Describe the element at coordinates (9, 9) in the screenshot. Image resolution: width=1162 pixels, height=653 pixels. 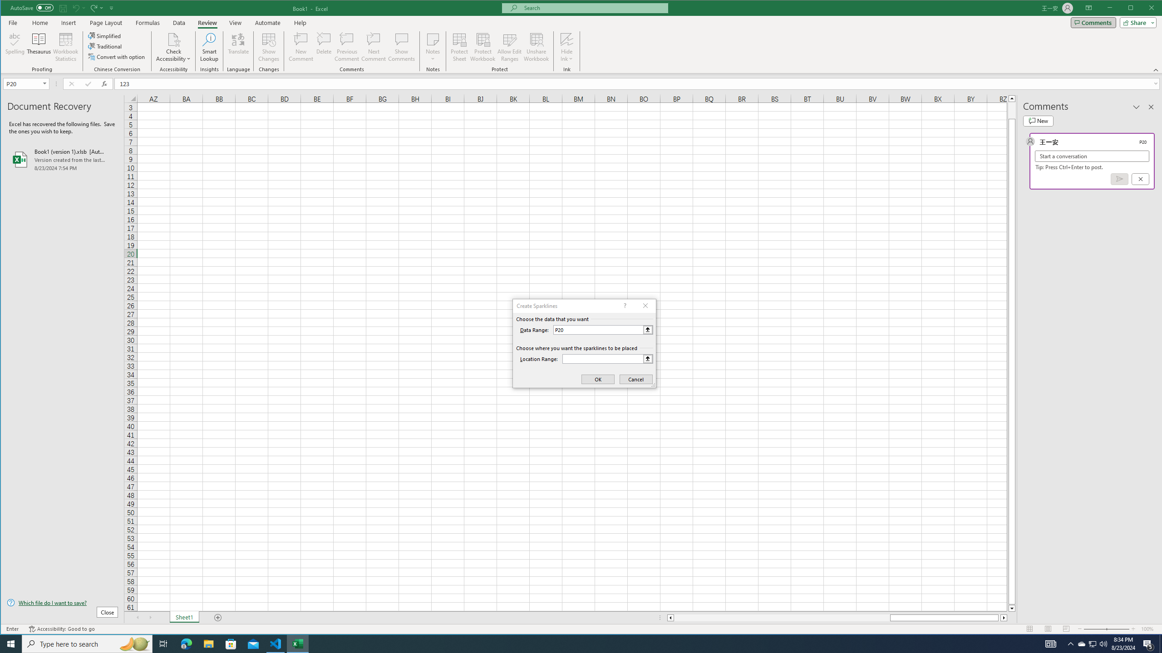
I see `'System'` at that location.